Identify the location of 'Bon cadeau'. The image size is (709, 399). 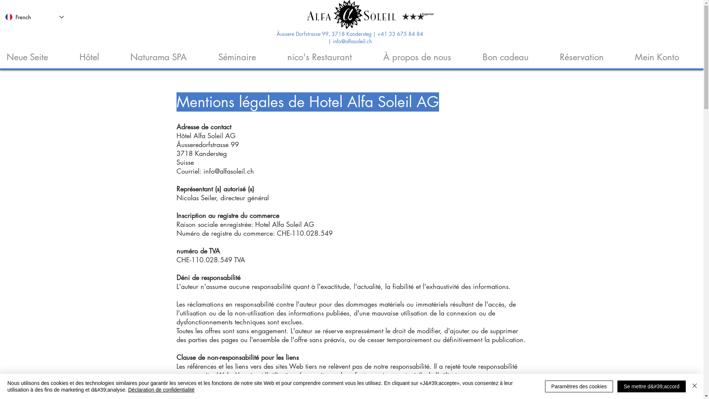
(514, 53).